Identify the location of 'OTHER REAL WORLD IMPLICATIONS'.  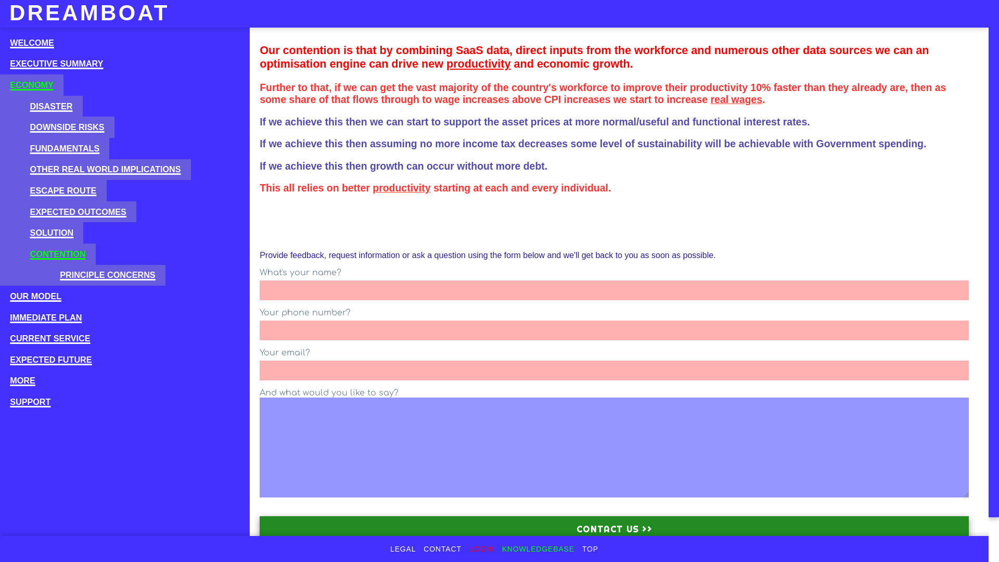
(95, 169).